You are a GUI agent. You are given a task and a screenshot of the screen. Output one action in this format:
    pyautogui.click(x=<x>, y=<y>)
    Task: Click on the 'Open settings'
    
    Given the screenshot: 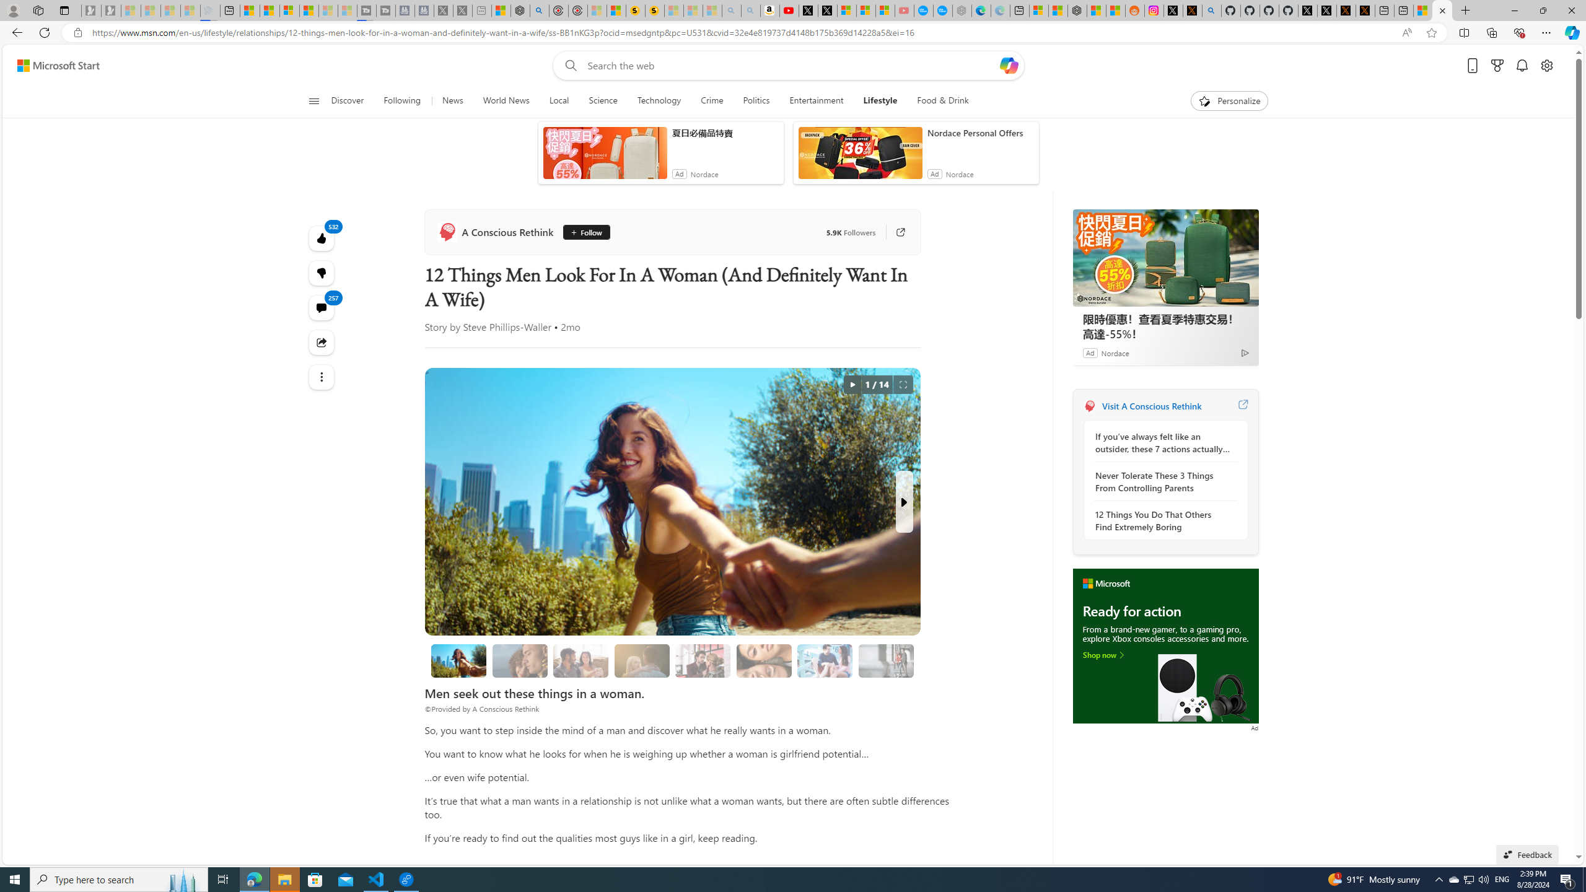 What is the action you would take?
    pyautogui.click(x=1546, y=66)
    